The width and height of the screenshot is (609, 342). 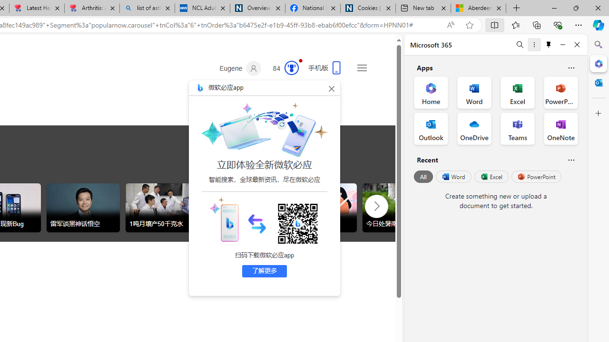 What do you see at coordinates (367, 8) in the screenshot?
I see `'Cookies | About | NICE'` at bounding box center [367, 8].